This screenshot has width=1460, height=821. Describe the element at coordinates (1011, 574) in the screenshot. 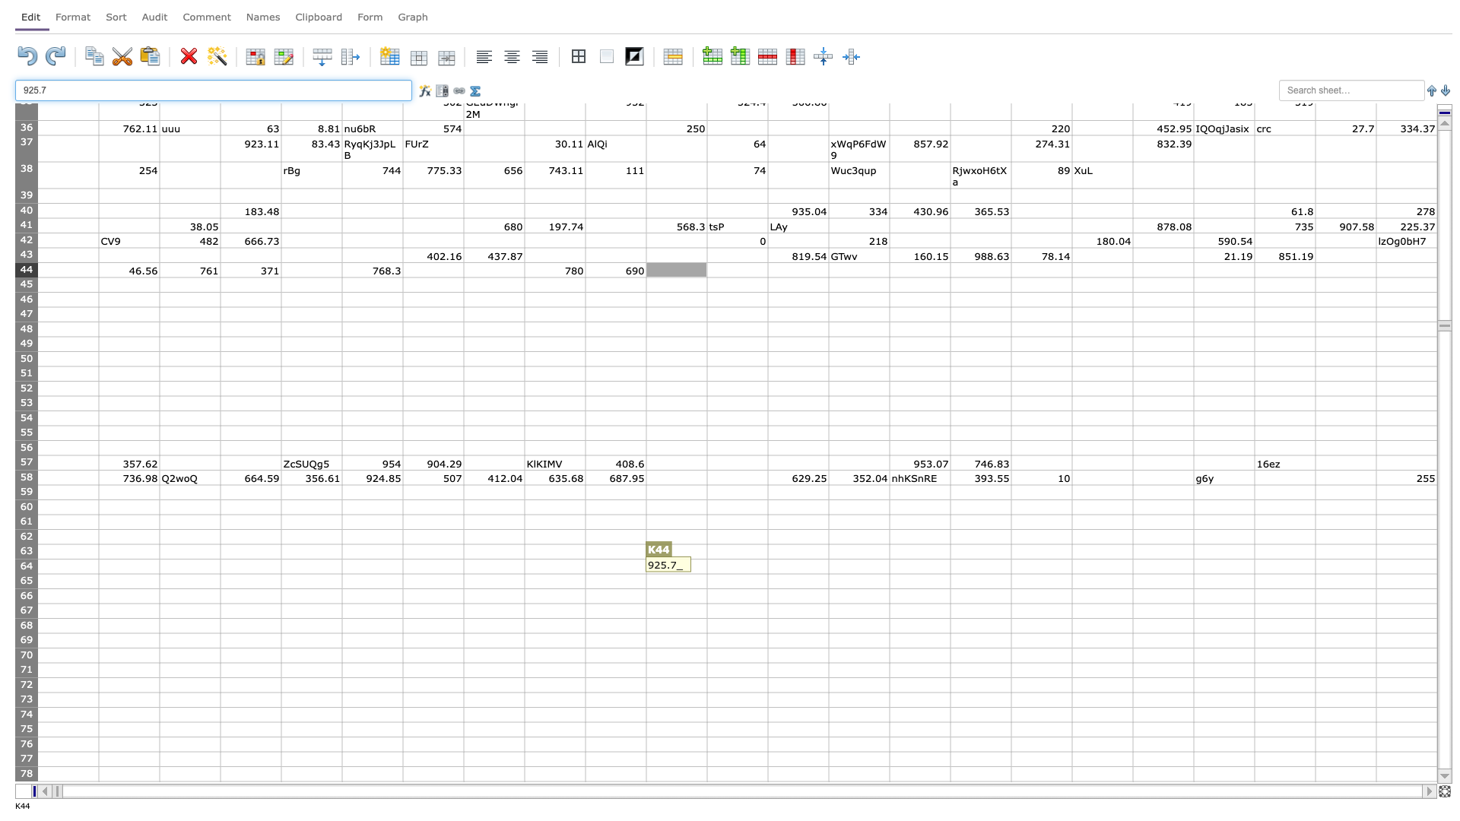

I see `Fill handle of cell P-64` at that location.